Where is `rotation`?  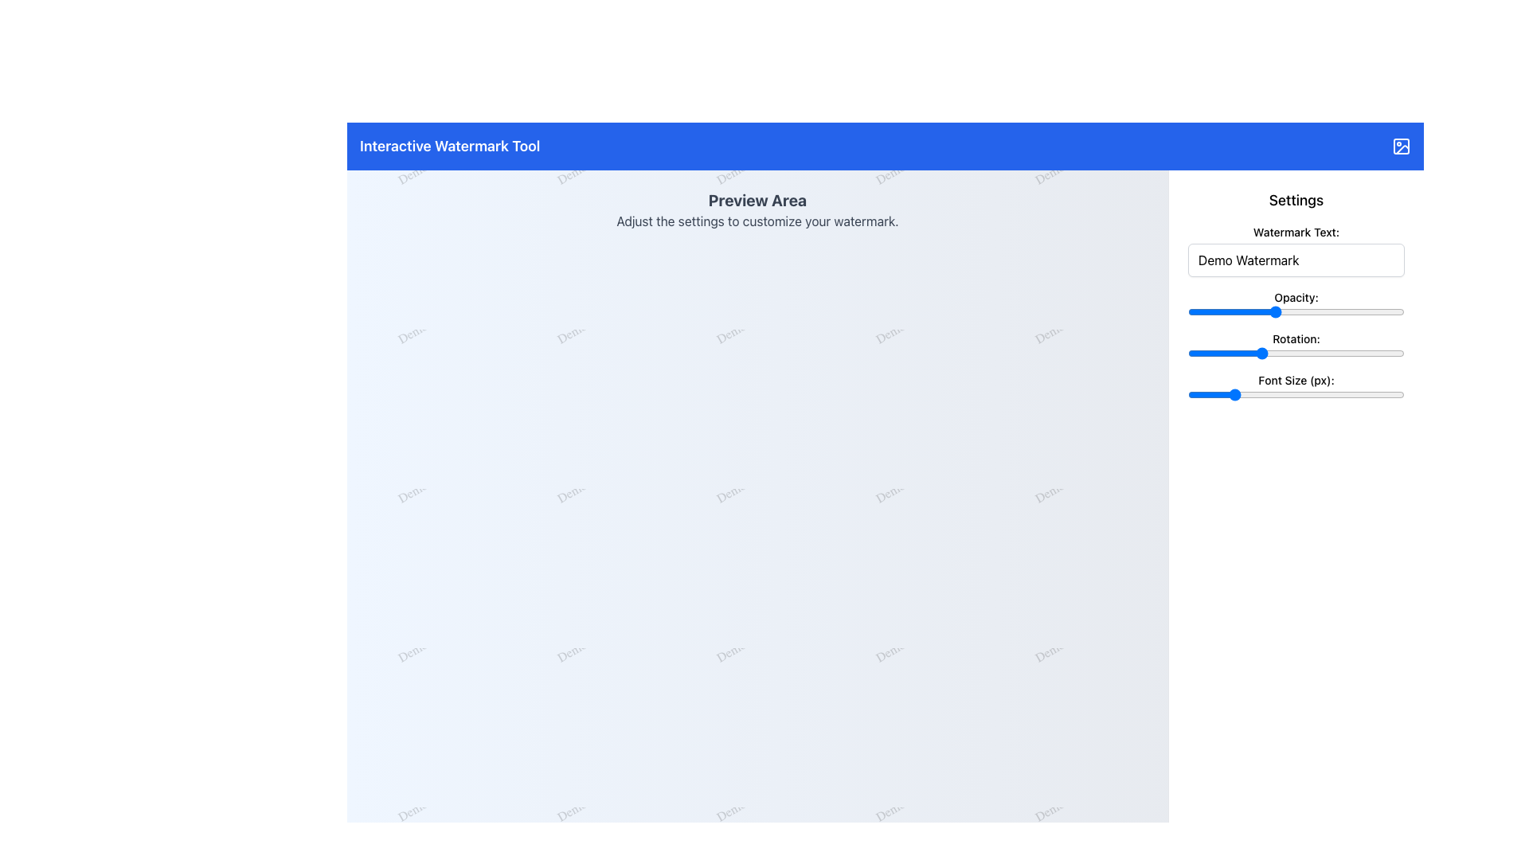
rotation is located at coordinates (1253, 352).